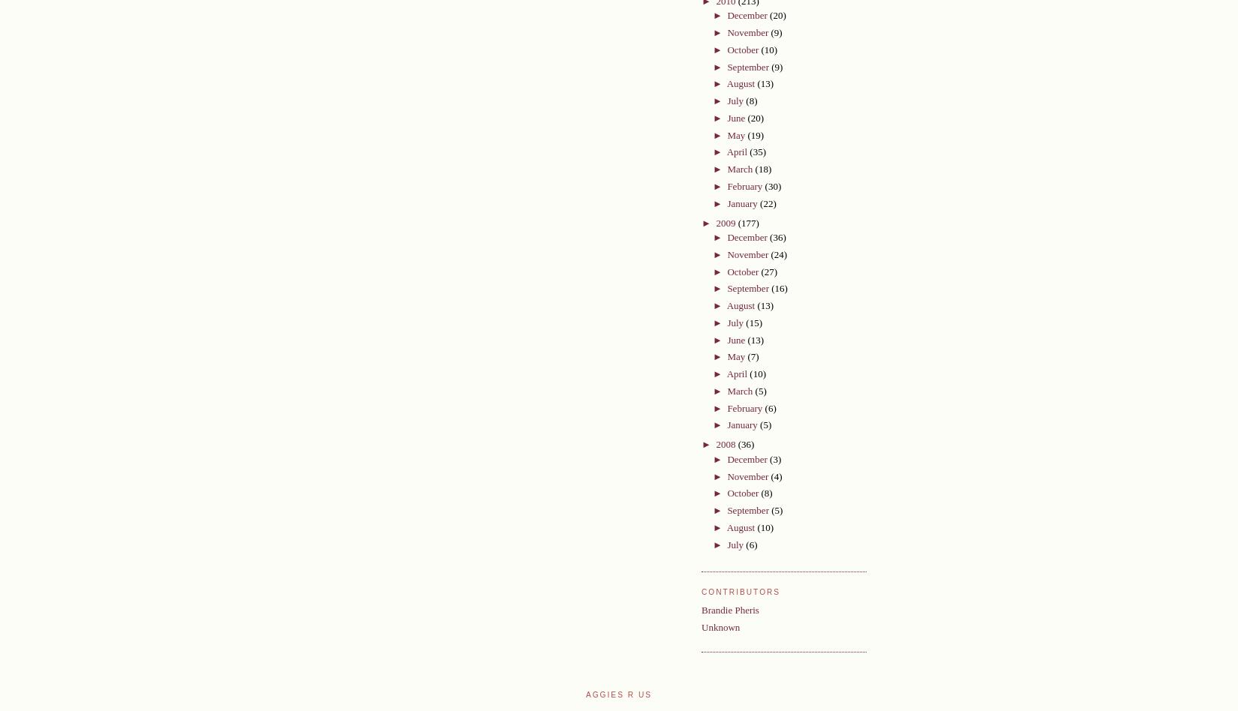 This screenshot has height=711, width=1238. What do you see at coordinates (617, 694) in the screenshot?
I see `'Aggies R Us'` at bounding box center [617, 694].